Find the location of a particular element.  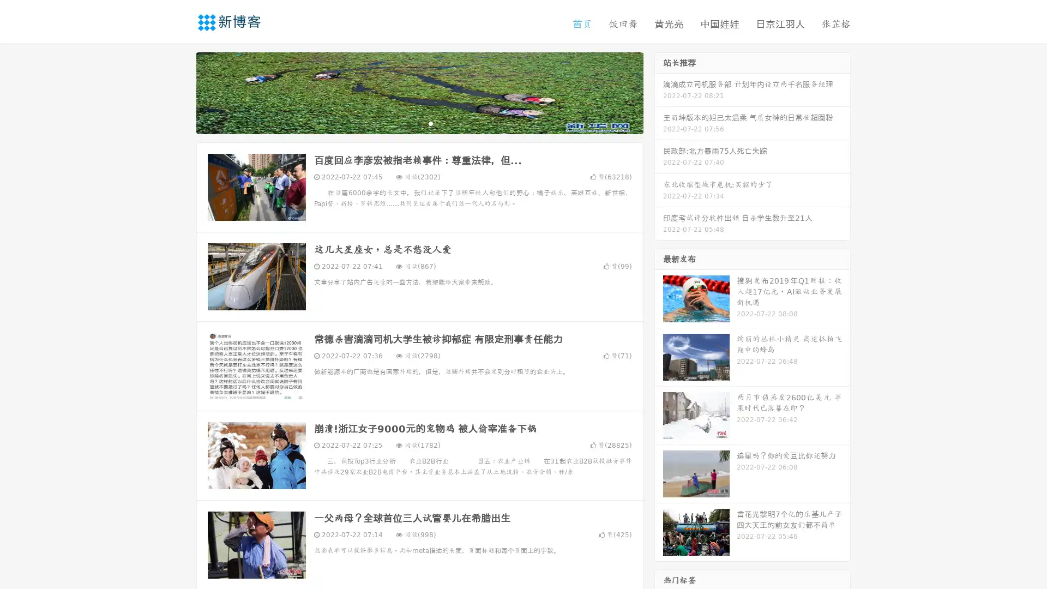

Previous slide is located at coordinates (180, 92).